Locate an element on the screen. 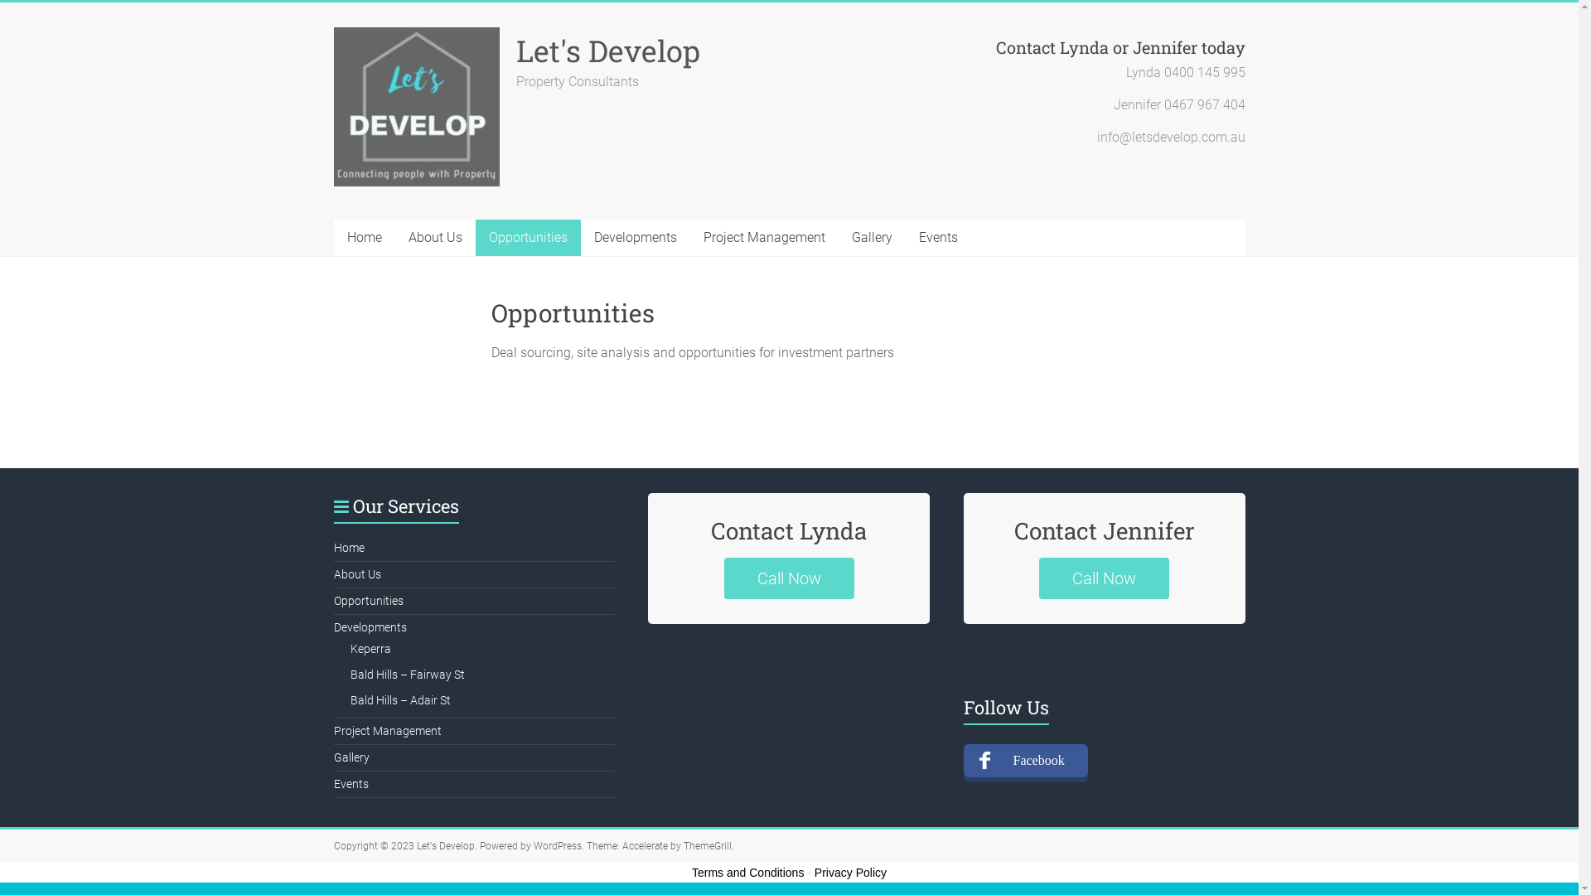 This screenshot has height=895, width=1591. 'Home' is located at coordinates (347, 547).